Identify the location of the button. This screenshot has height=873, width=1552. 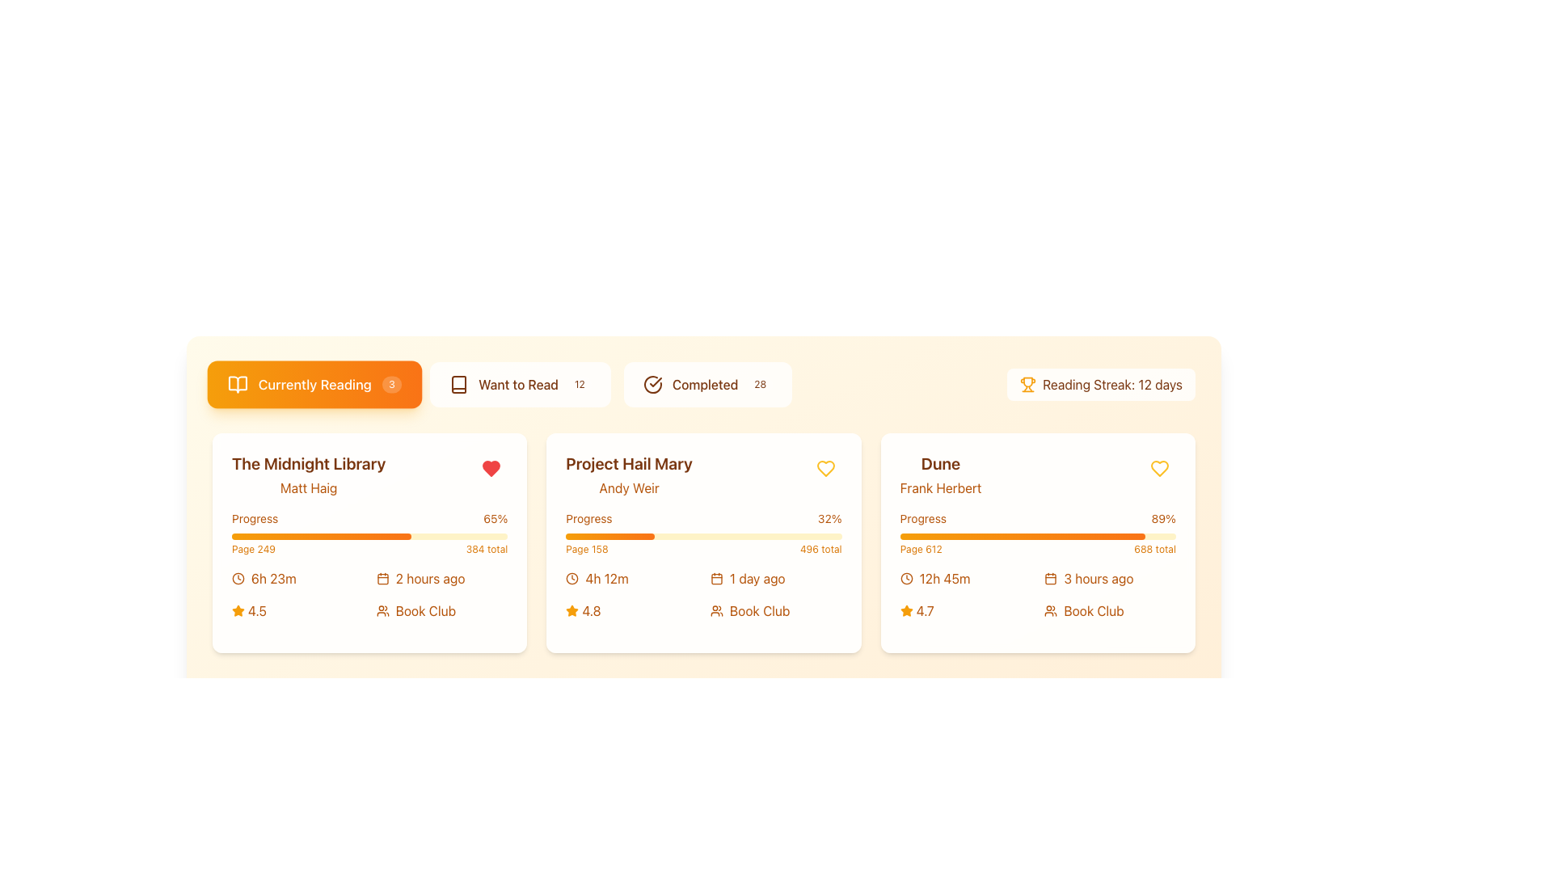
(1159, 468).